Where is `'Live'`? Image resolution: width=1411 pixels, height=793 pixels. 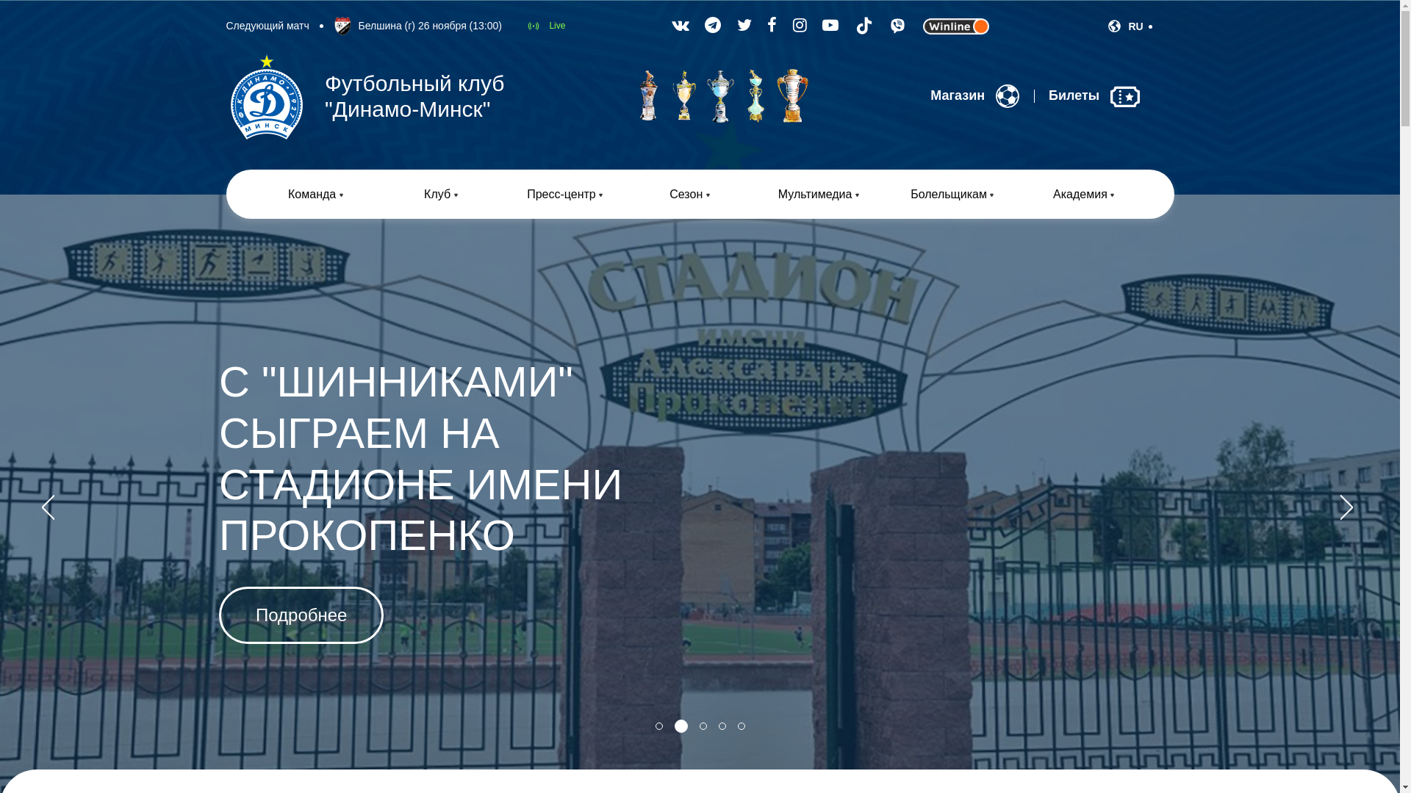
'Live' is located at coordinates (545, 26).